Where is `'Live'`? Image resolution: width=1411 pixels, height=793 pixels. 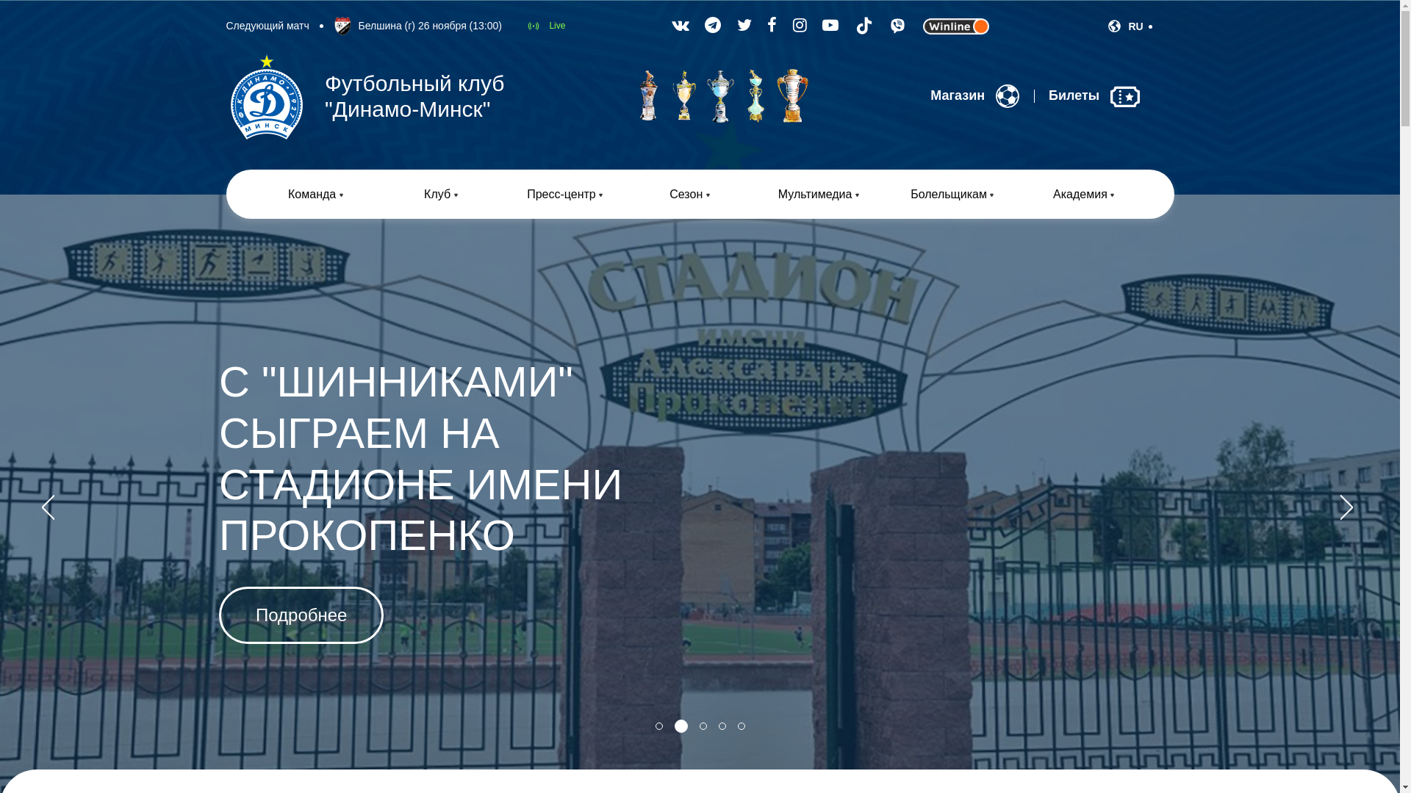
'Live' is located at coordinates (545, 26).